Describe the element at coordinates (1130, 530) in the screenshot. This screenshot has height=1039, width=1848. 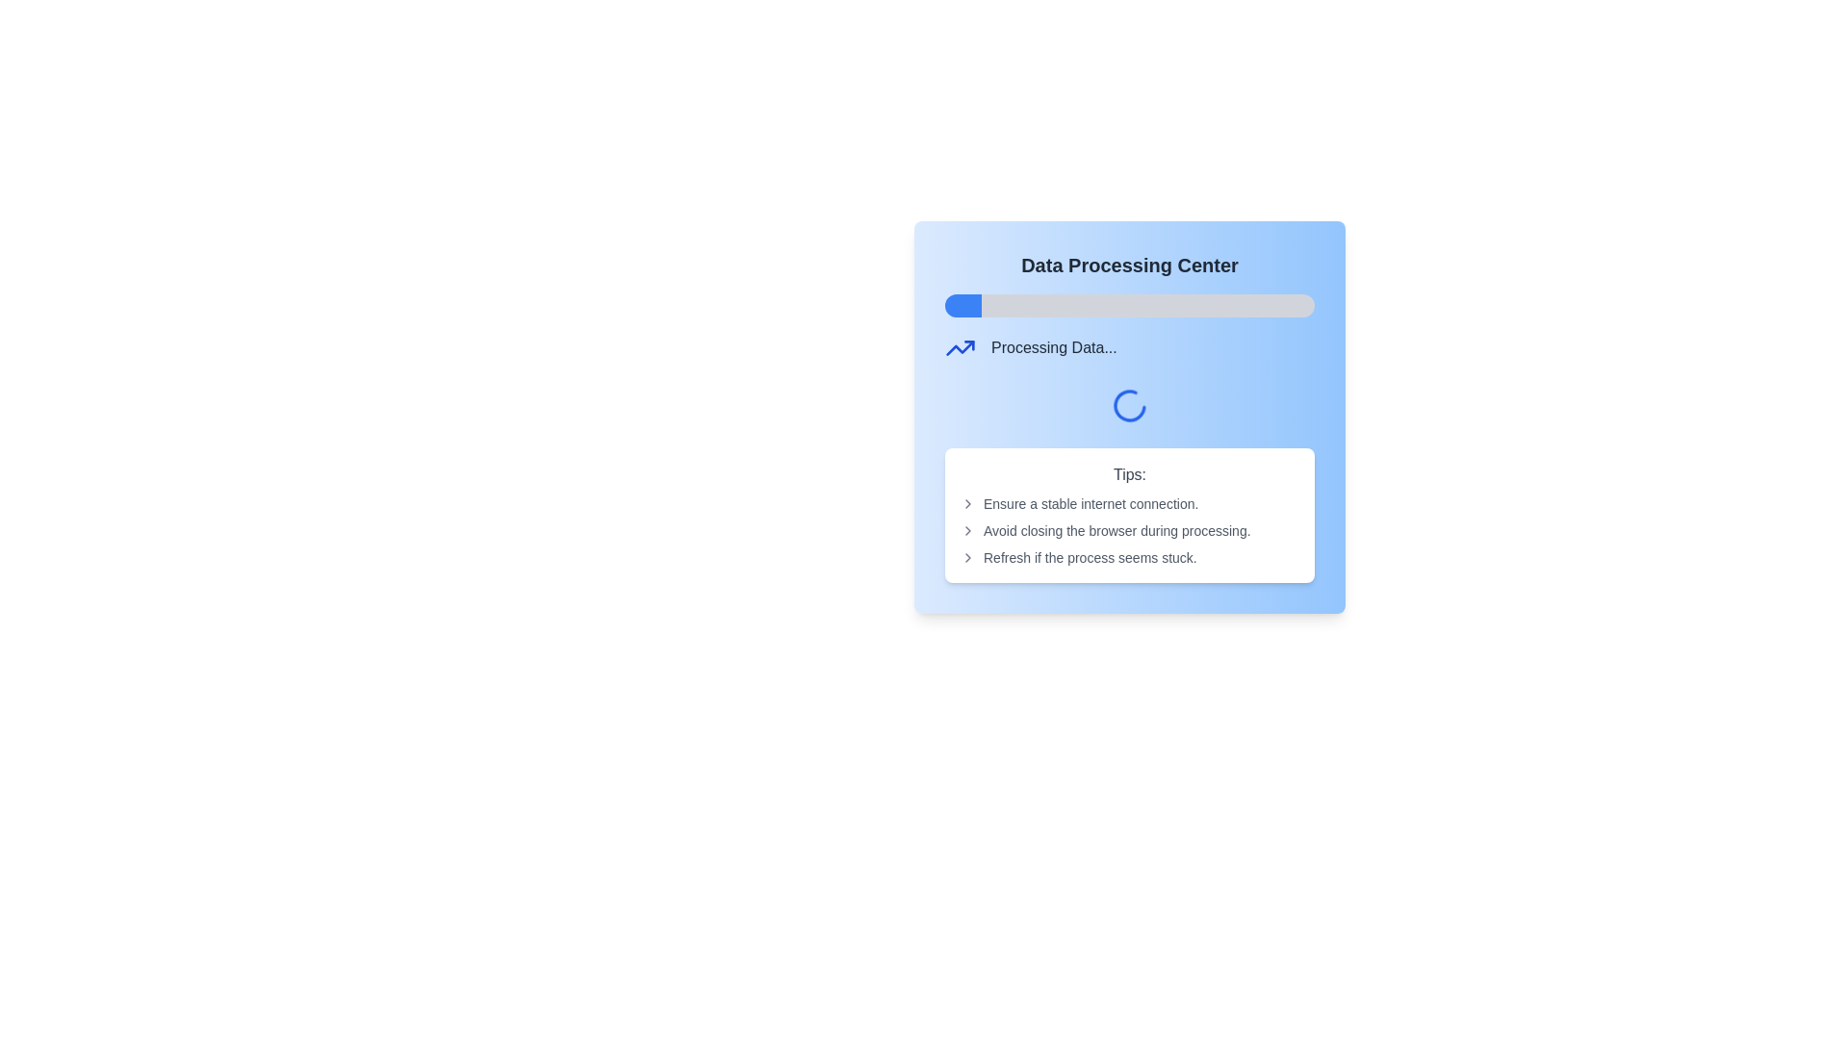
I see `the static text element displaying the message 'Avoid closing the browser during processing.' which is the second item in the 'Tips:' section, aligned with a chevron icon on its left` at that location.